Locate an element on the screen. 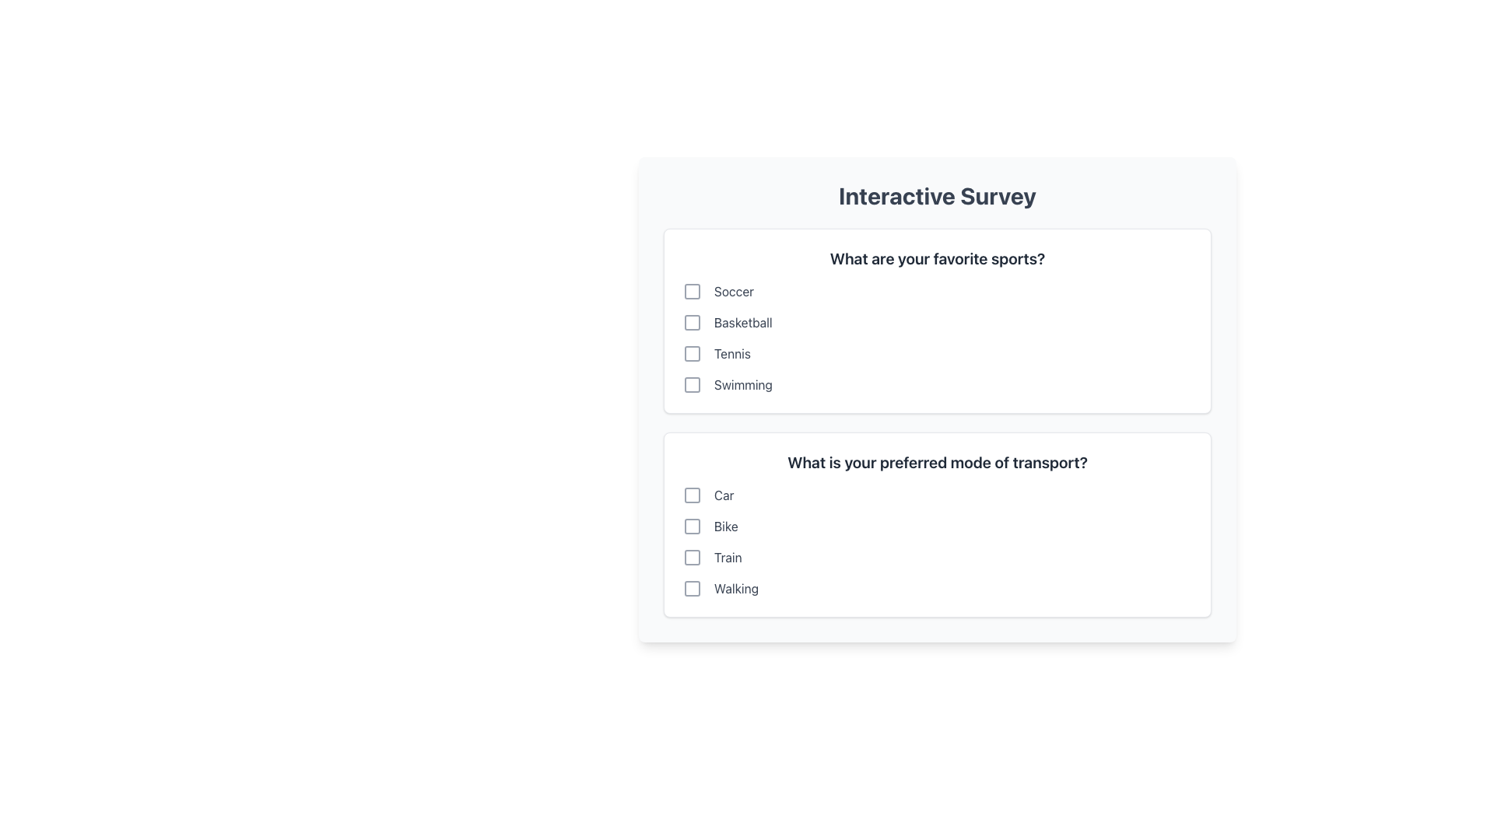 This screenshot has width=1494, height=840. the checkbox labeled 'Walking' is located at coordinates (936, 588).